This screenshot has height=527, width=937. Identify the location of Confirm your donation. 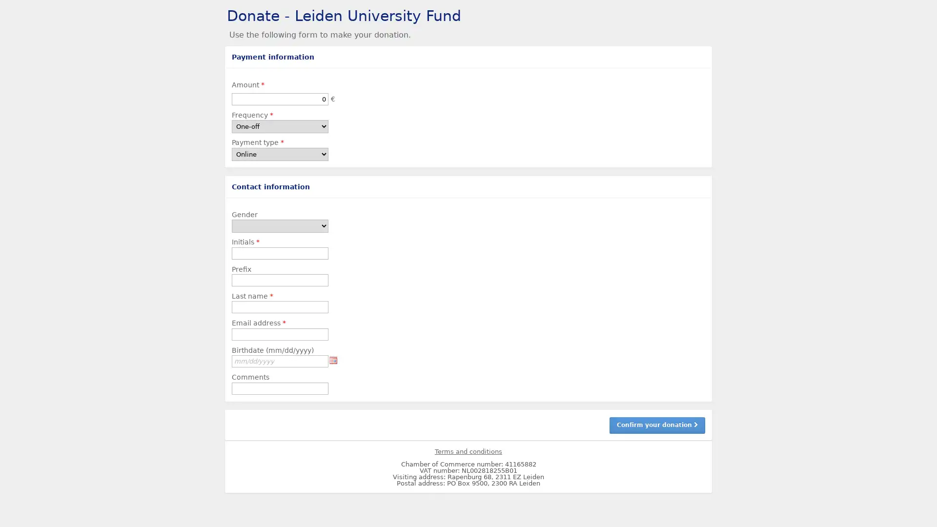
(657, 425).